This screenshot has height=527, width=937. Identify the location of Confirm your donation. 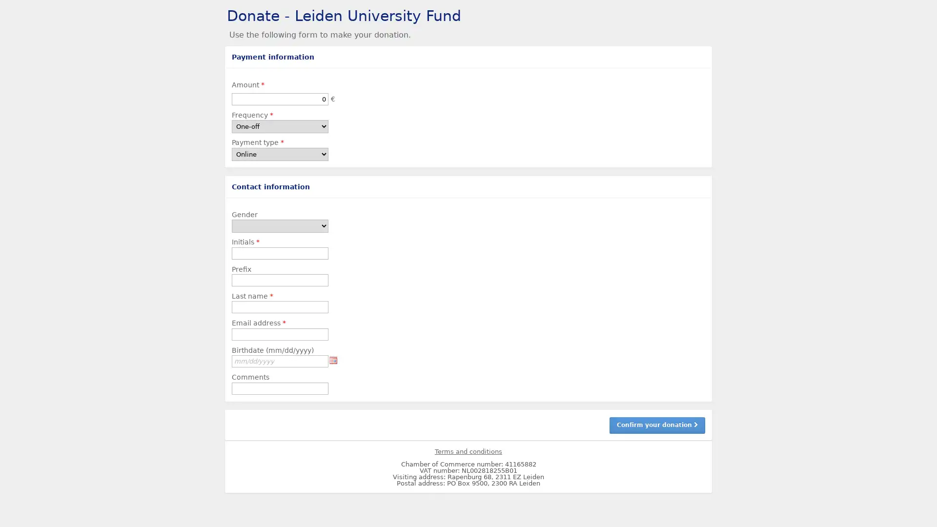
(657, 425).